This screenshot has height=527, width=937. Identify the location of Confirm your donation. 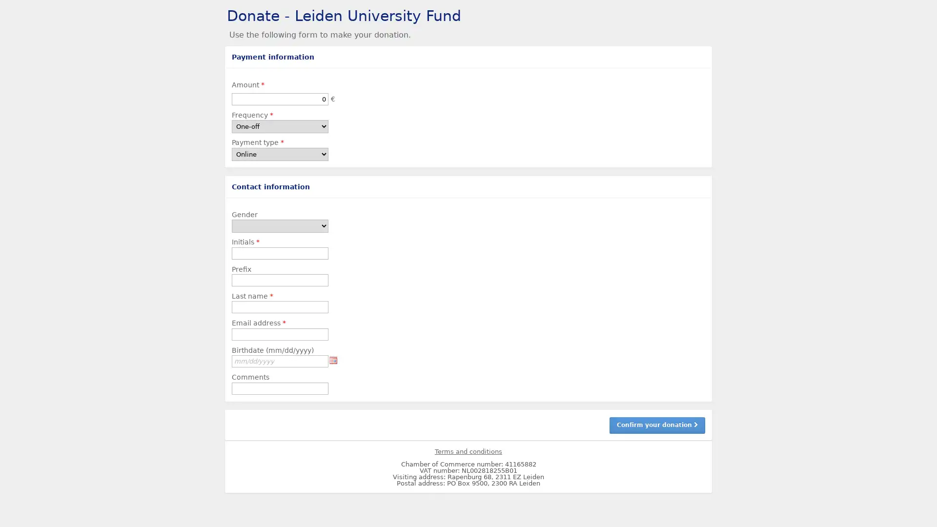
(657, 425).